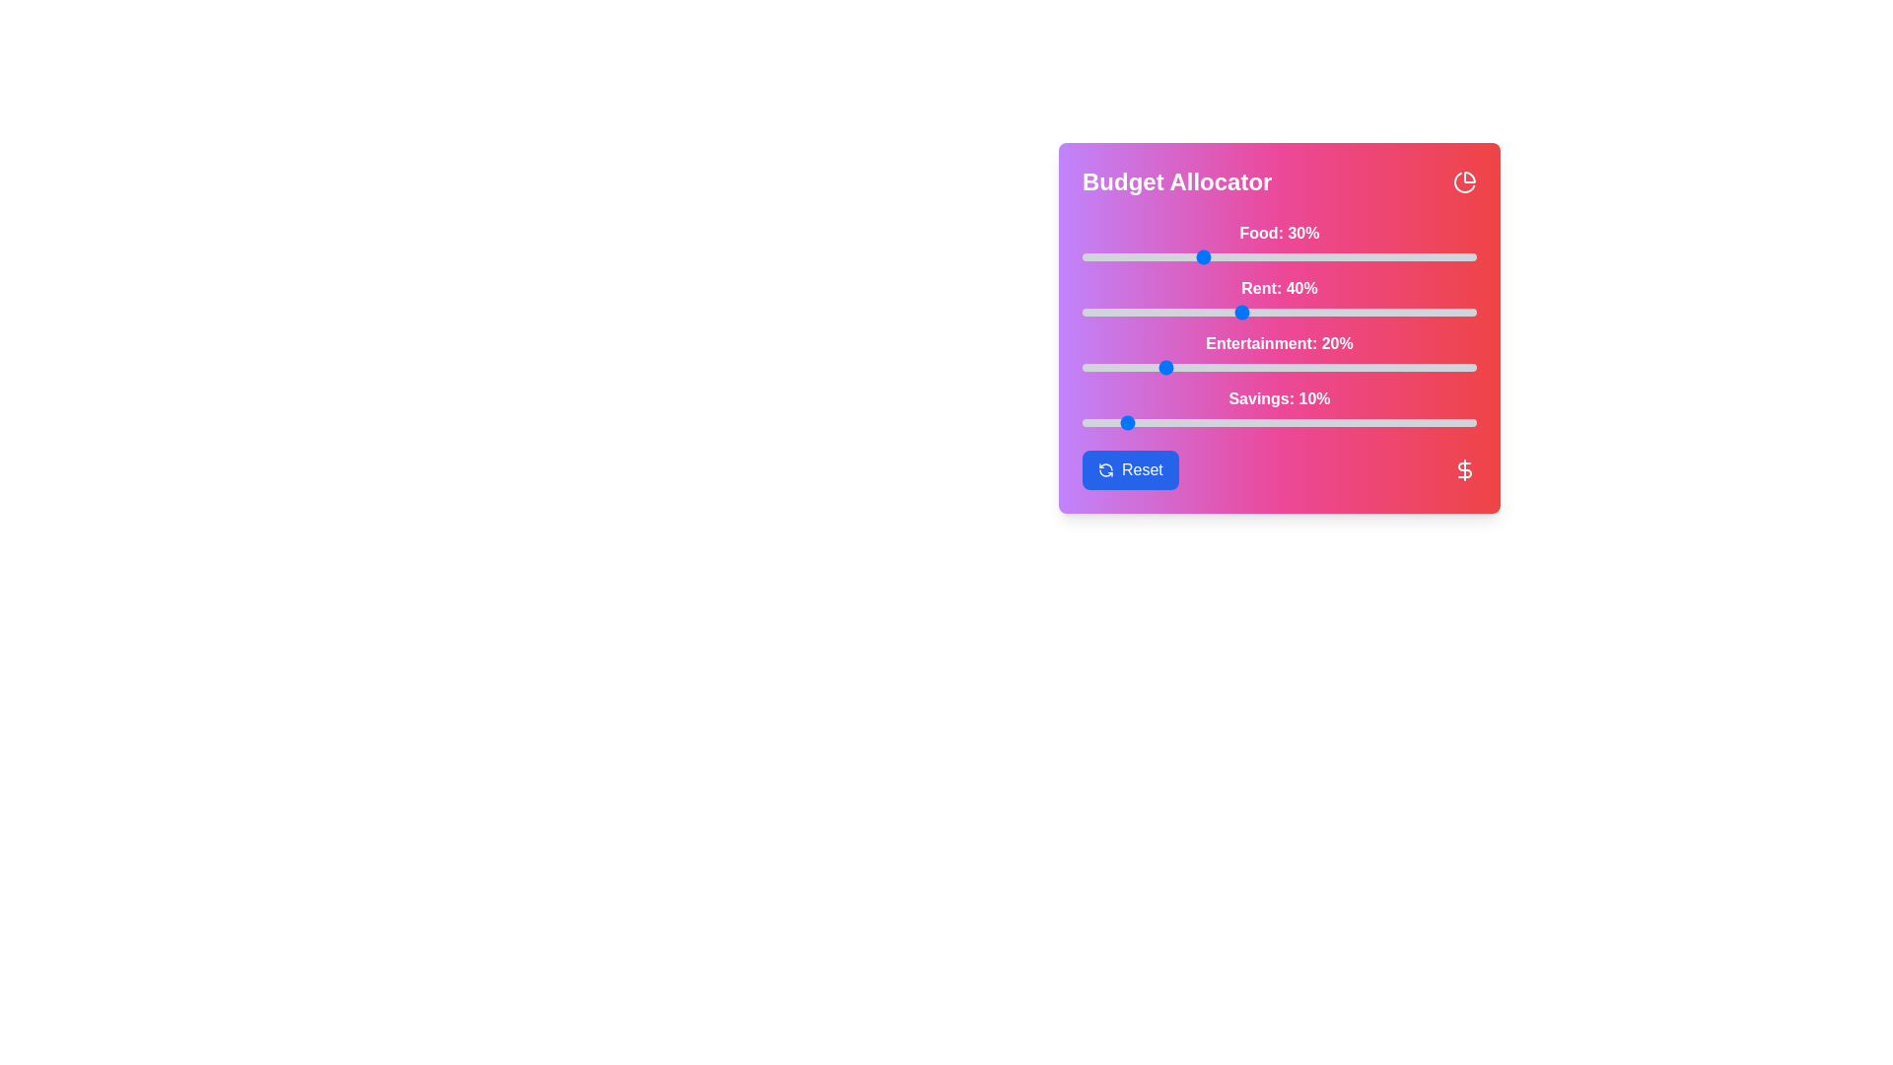 The width and height of the screenshot is (1893, 1065). Describe the element at coordinates (1409, 256) in the screenshot. I see `'Food' slider` at that location.